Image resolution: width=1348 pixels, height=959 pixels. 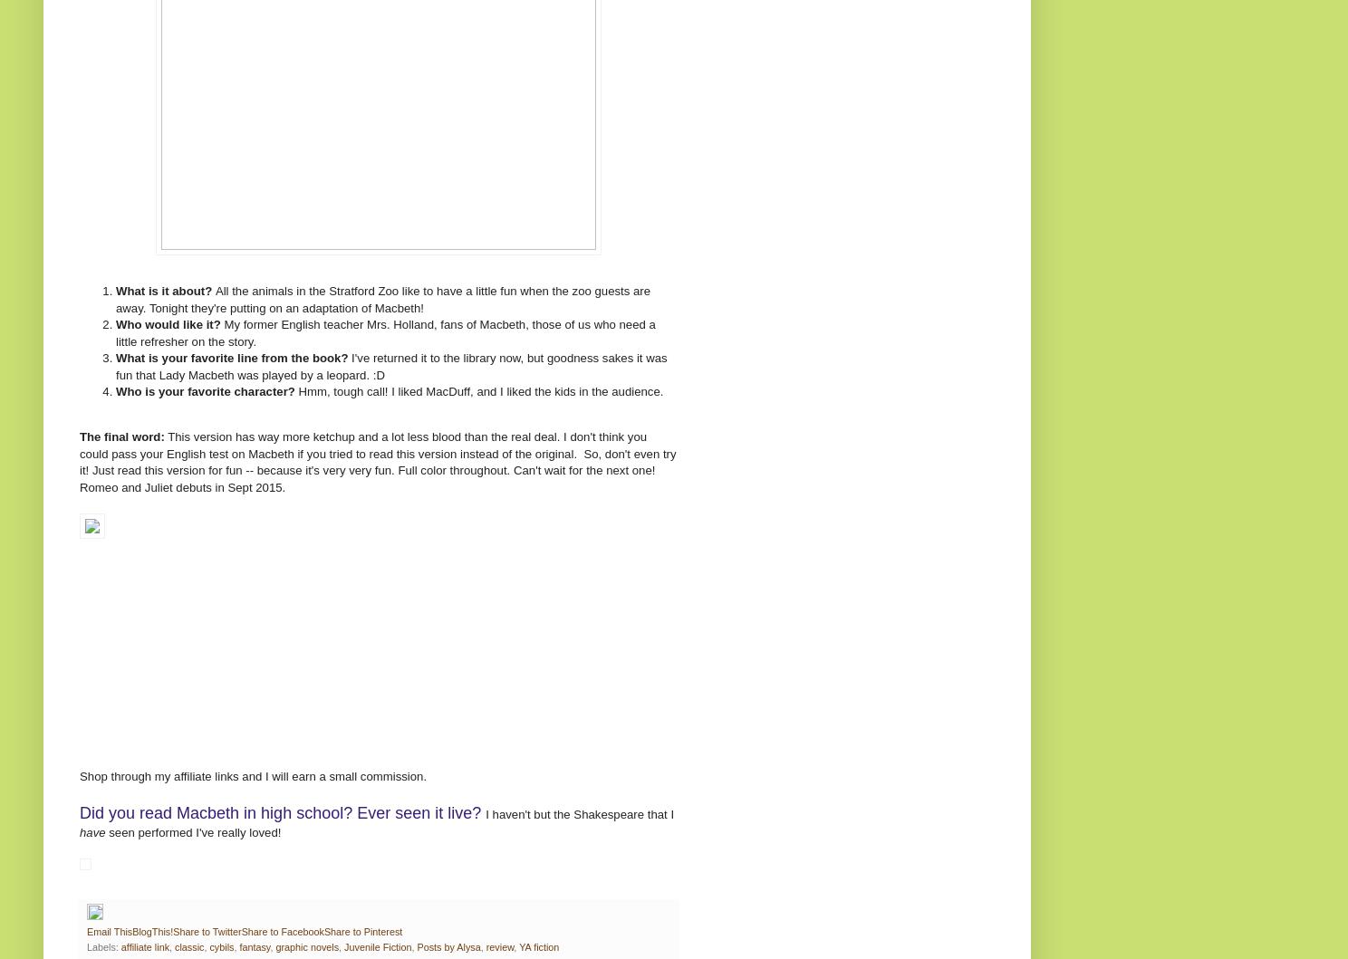 I want to click on 'Hmm, tough call! I liked MacDuff, and I liked the kids in the audience.', so click(x=479, y=391).